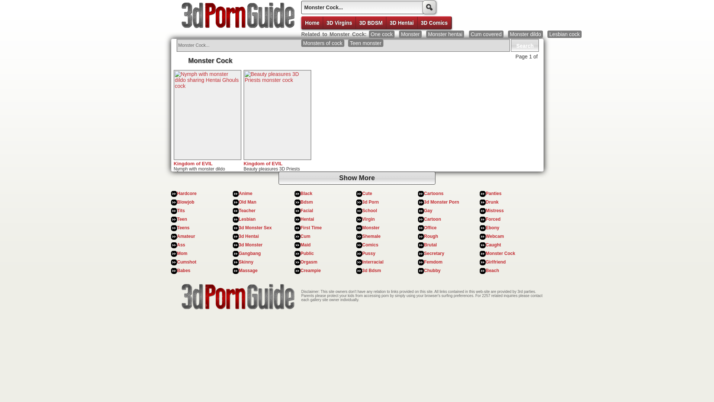  What do you see at coordinates (248, 270) in the screenshot?
I see `'Massage'` at bounding box center [248, 270].